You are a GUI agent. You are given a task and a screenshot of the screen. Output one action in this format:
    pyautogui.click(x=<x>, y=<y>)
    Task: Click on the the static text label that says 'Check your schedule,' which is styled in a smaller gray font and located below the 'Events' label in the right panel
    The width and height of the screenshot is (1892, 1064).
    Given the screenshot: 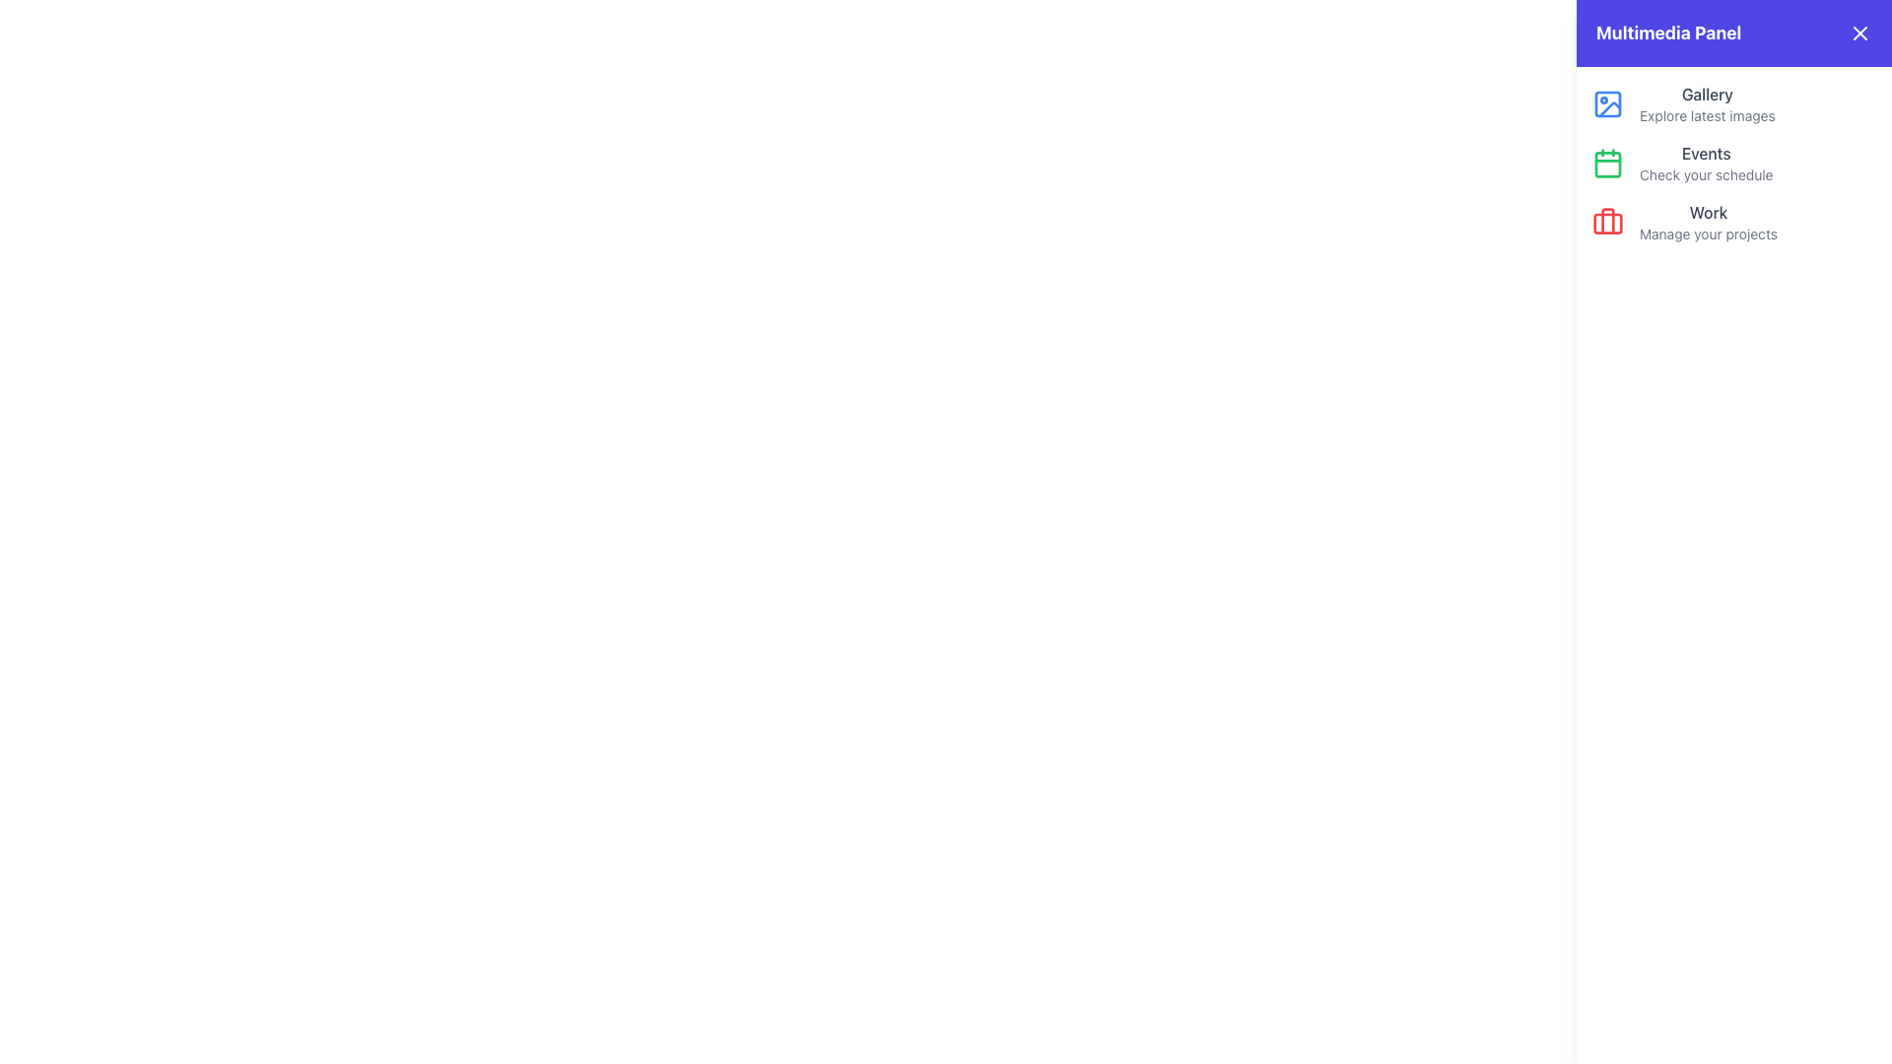 What is the action you would take?
    pyautogui.click(x=1705, y=173)
    